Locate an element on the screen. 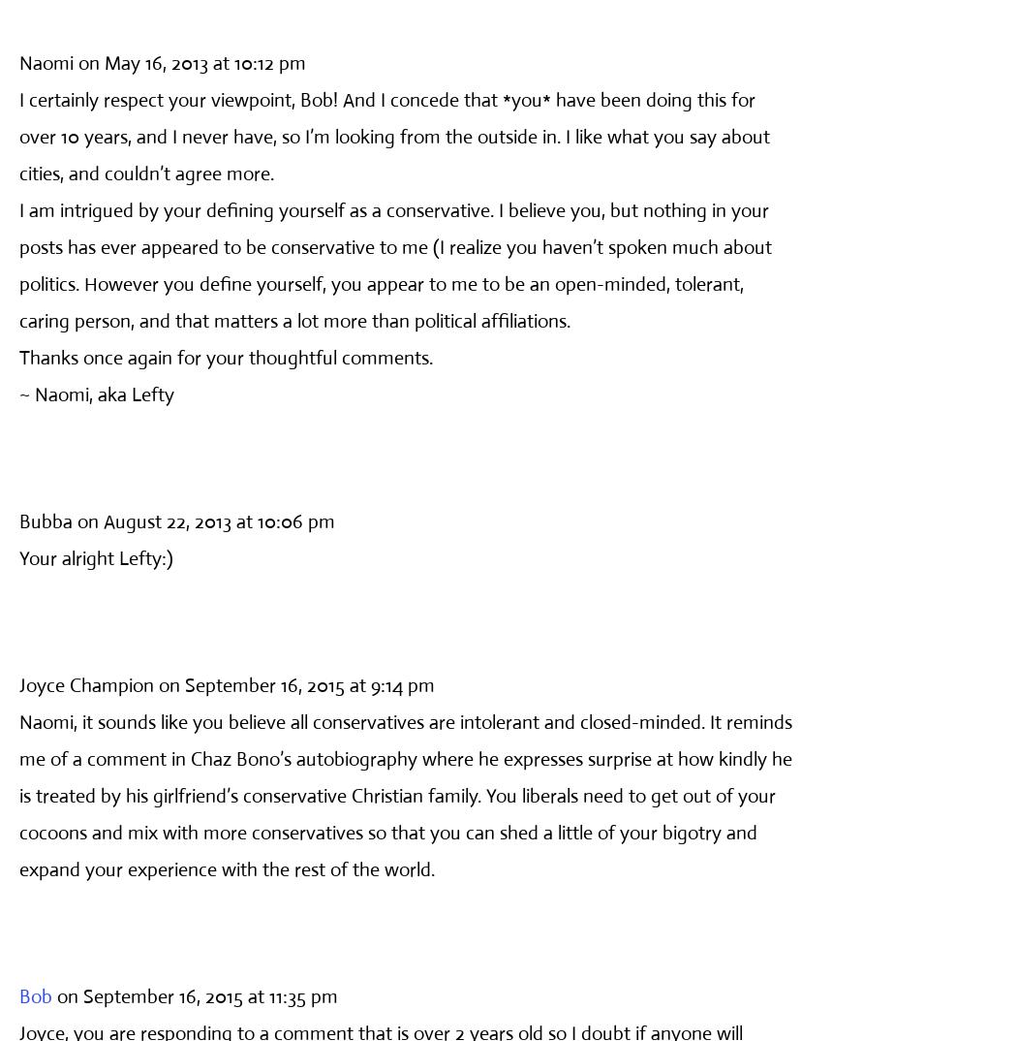 The width and height of the screenshot is (1017, 1041). 'Naomi' is located at coordinates (45, 62).